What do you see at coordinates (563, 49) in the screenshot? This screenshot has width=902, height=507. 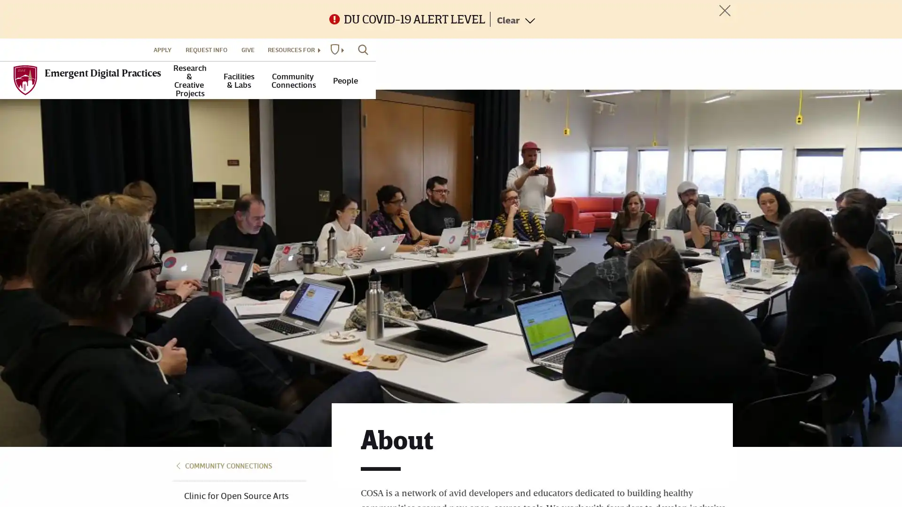 I see `REQUEST INFO` at bounding box center [563, 49].